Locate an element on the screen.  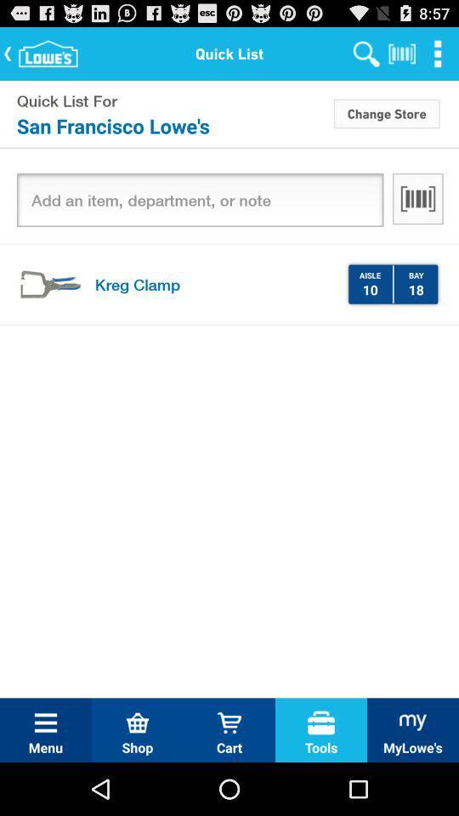
icon next to aisle app is located at coordinates (393, 284).